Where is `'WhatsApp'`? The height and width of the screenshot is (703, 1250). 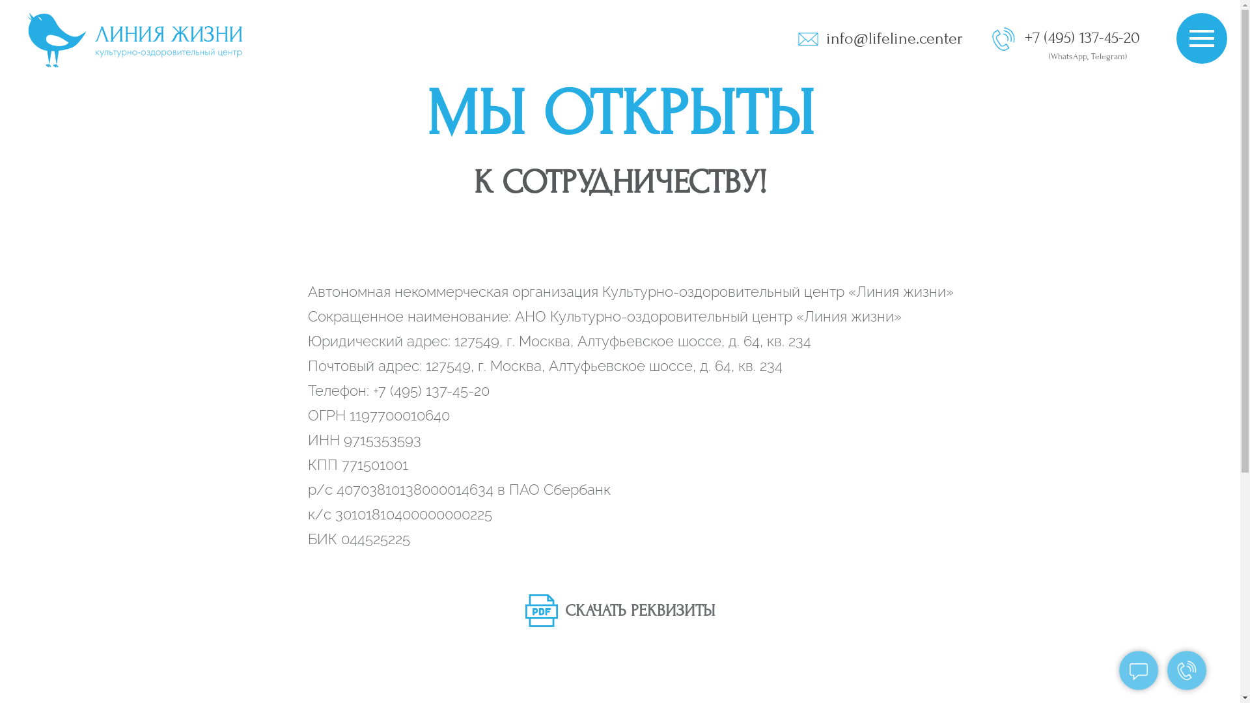 'WhatsApp' is located at coordinates (1068, 56).